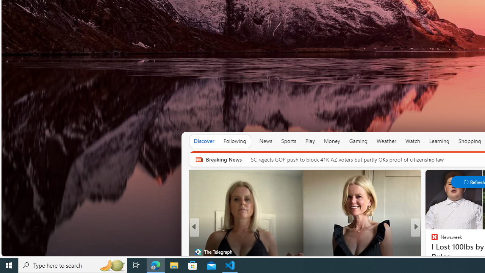 The image size is (485, 273). What do you see at coordinates (310, 141) in the screenshot?
I see `'Play'` at bounding box center [310, 141].